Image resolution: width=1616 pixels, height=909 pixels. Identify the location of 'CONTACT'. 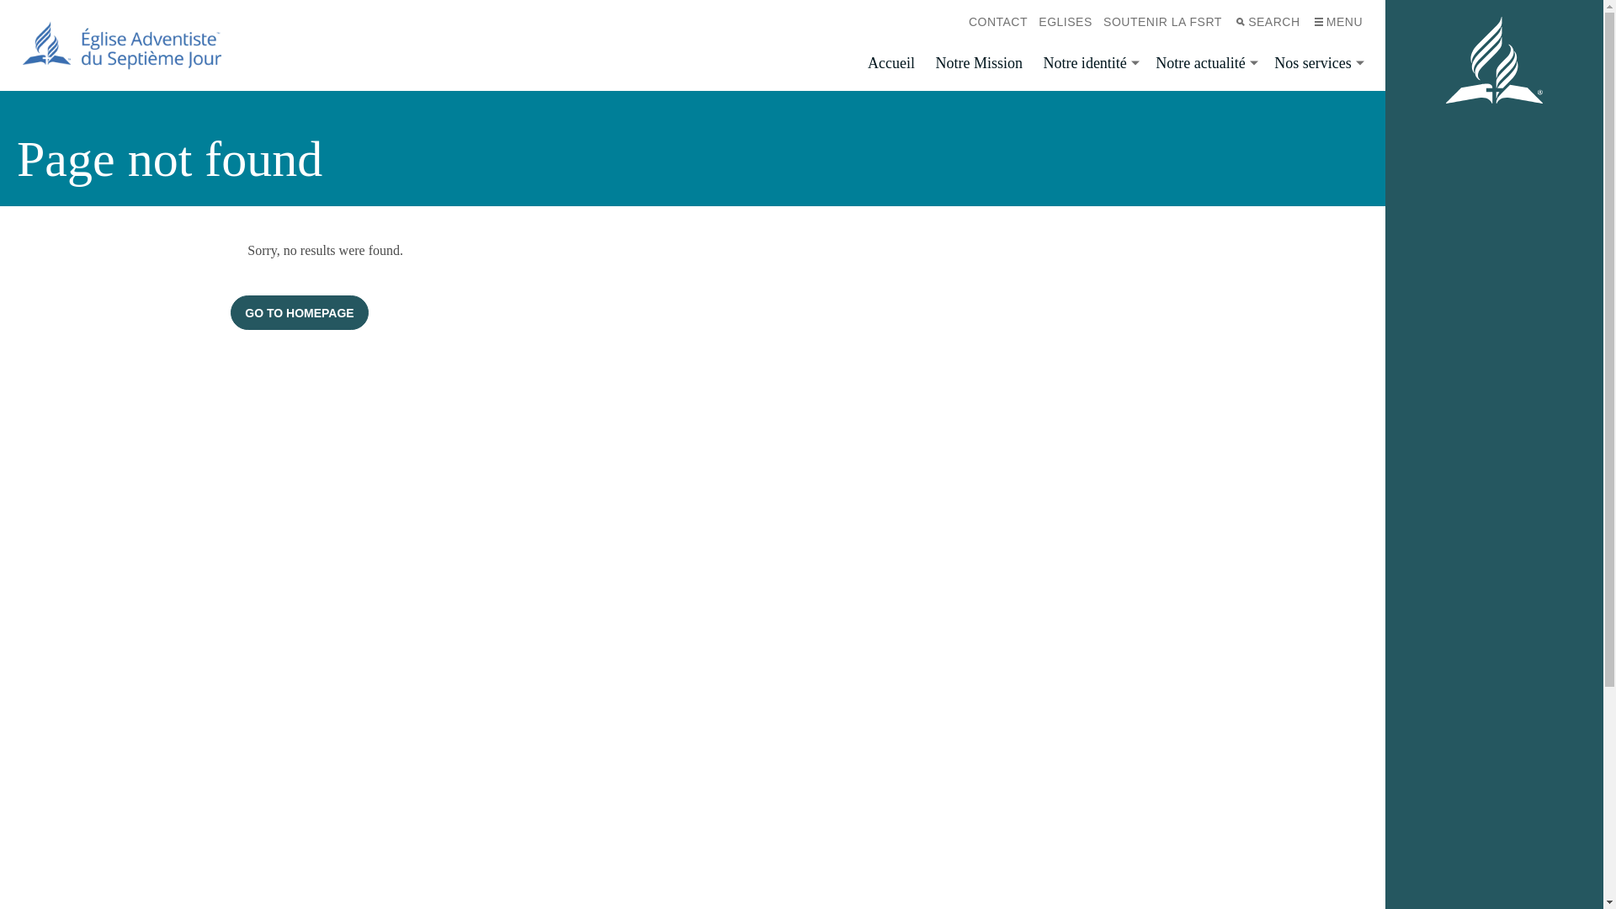
(997, 22).